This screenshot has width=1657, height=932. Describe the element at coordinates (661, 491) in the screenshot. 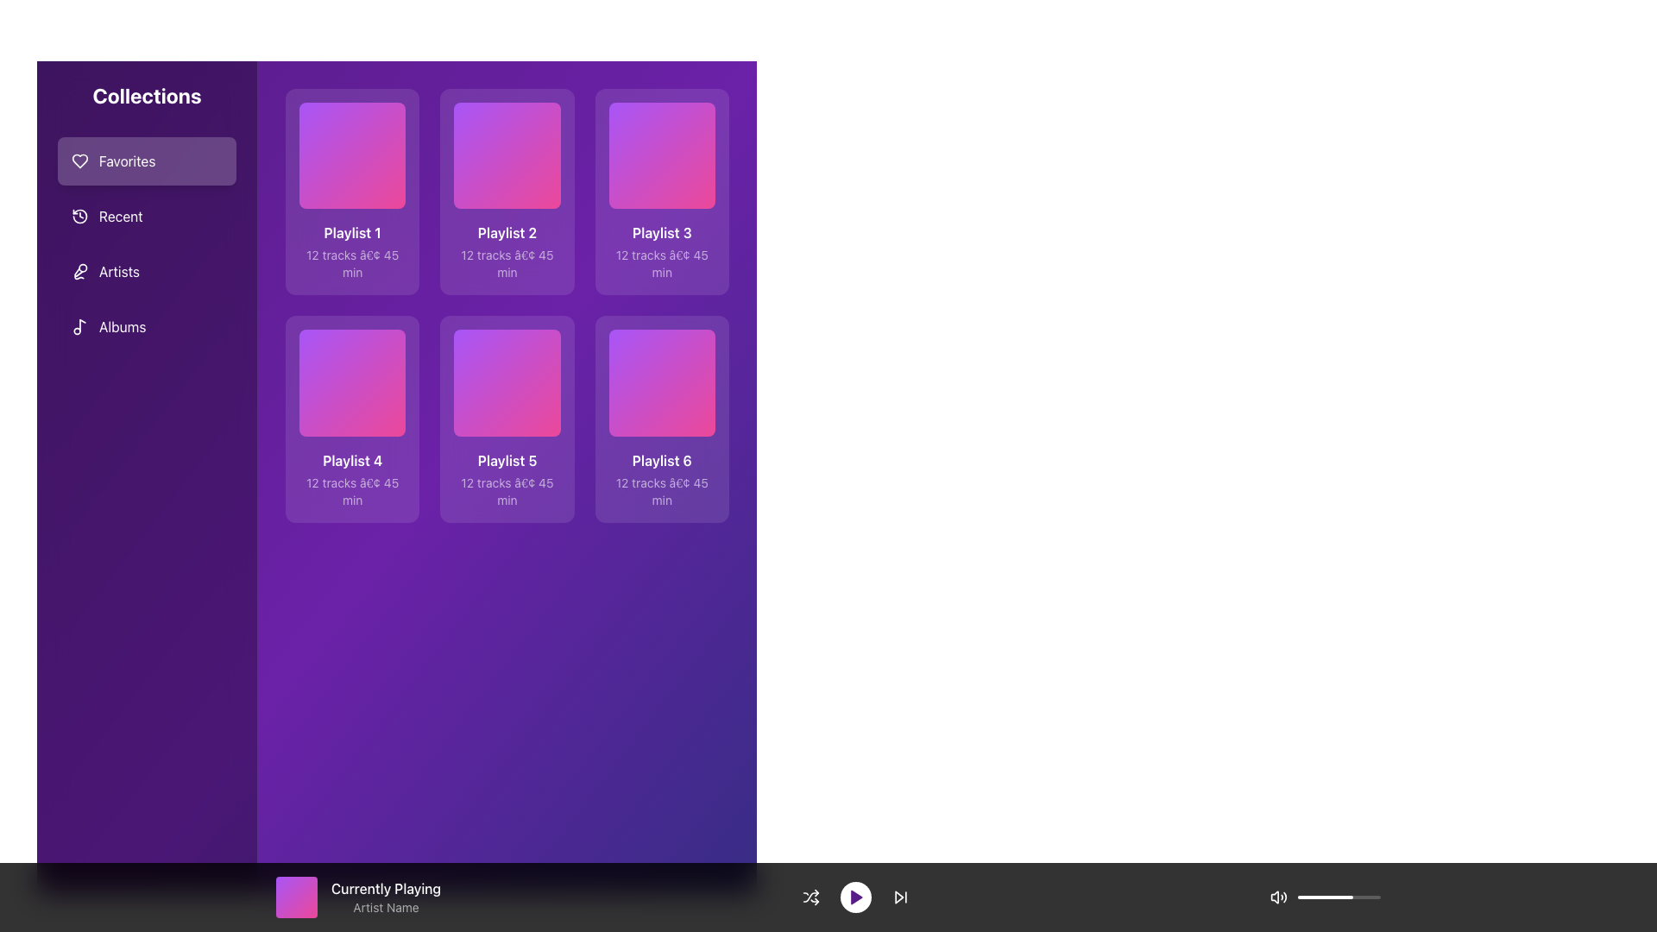

I see `the text label displaying '12 tracks â€¢ 45 min', located under the title 'Playlist 6' in the bottom-right corner of the sixth playlist card` at that location.